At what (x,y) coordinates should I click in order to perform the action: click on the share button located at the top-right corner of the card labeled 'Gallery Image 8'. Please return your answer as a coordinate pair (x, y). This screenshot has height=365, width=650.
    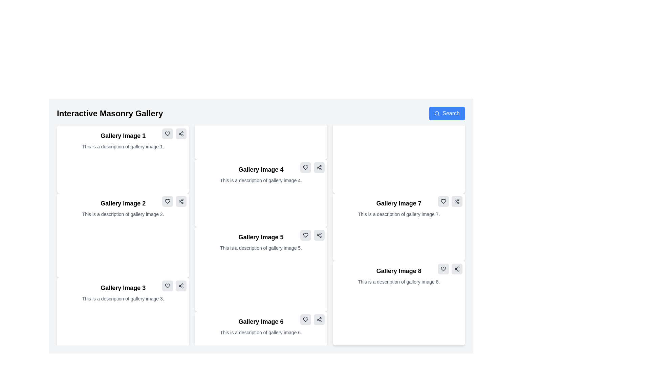
    Looking at the image, I should click on (457, 268).